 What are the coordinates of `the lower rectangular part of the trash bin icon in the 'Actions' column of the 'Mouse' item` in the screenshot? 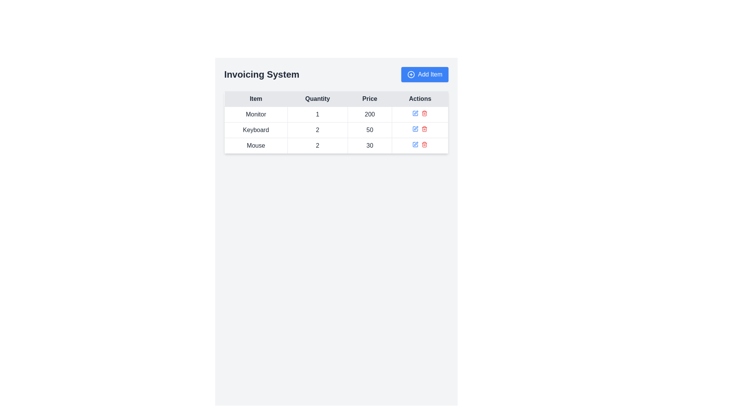 It's located at (424, 145).